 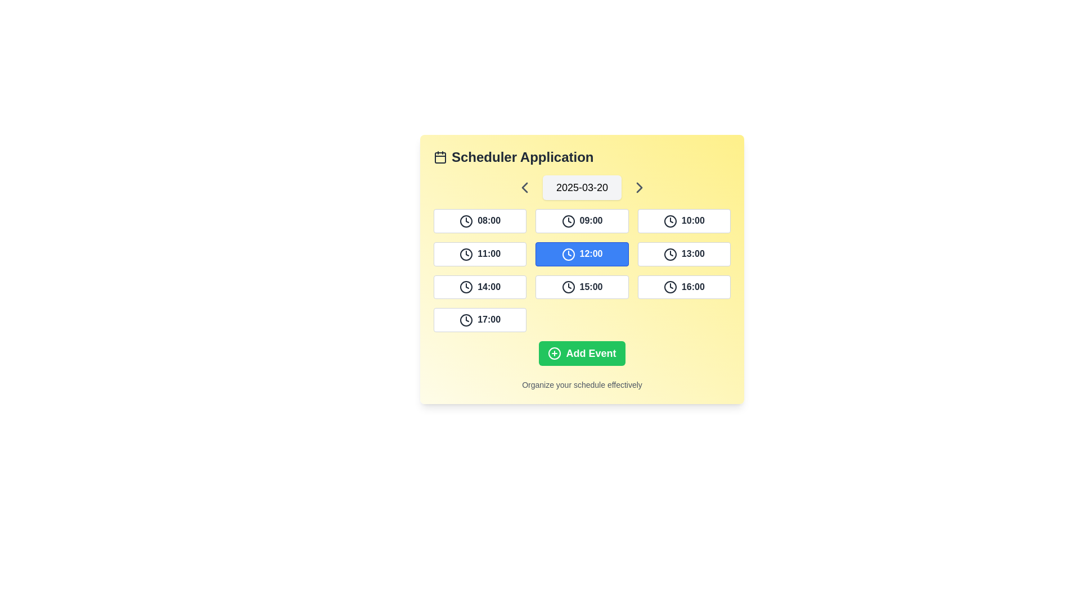 What do you see at coordinates (683, 254) in the screenshot?
I see `the button with an icon and text` at bounding box center [683, 254].